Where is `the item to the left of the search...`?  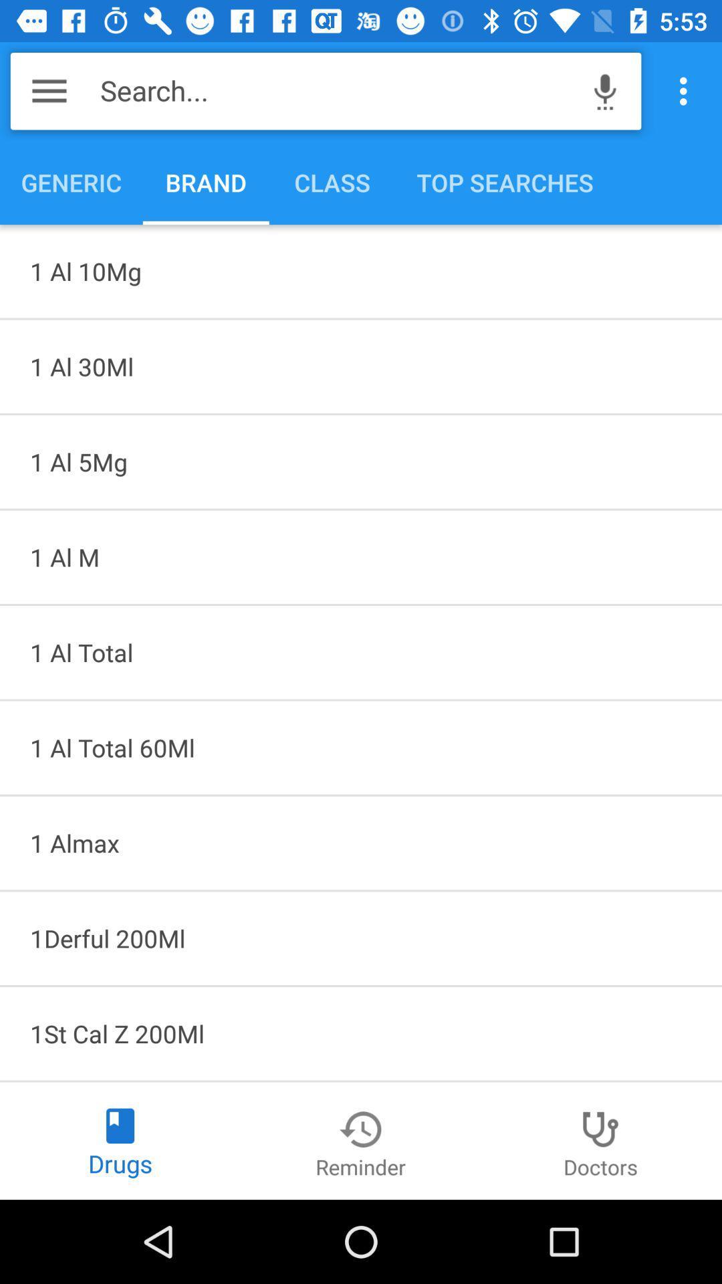
the item to the left of the search... is located at coordinates (48, 90).